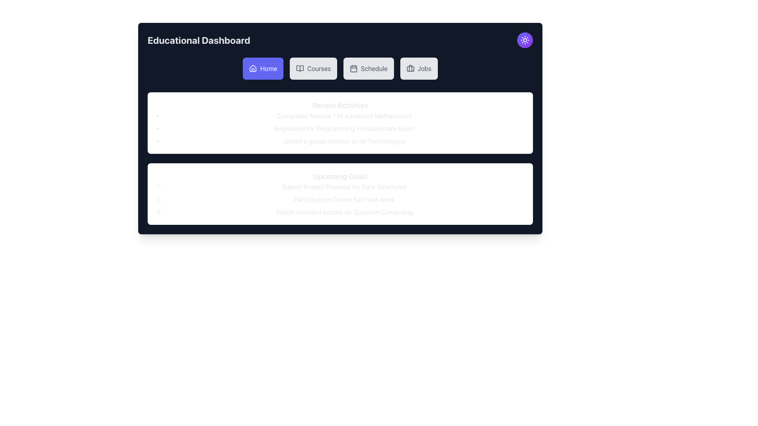 The width and height of the screenshot is (758, 426). Describe the element at coordinates (253, 68) in the screenshot. I see `the SVG-based icon for the 'Home' button located in the navigation bar at the top of the interface` at that location.